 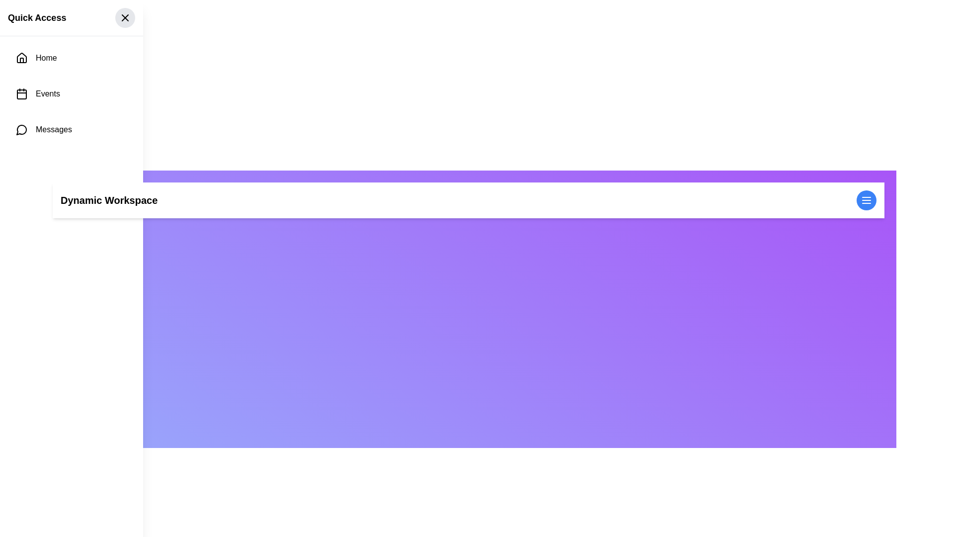 I want to click on the 'Home' button located at the top of the sidebar menu, so click(x=71, y=58).